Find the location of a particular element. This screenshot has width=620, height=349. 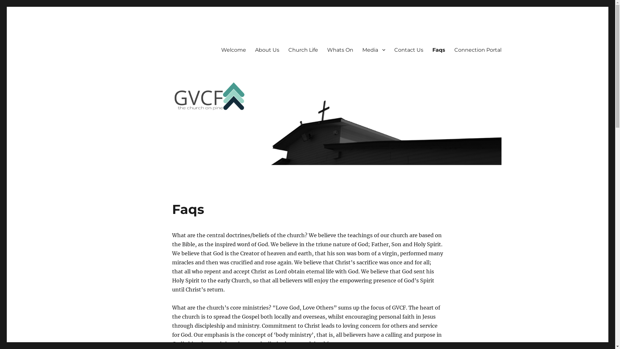

'Whats On' is located at coordinates (322, 49).